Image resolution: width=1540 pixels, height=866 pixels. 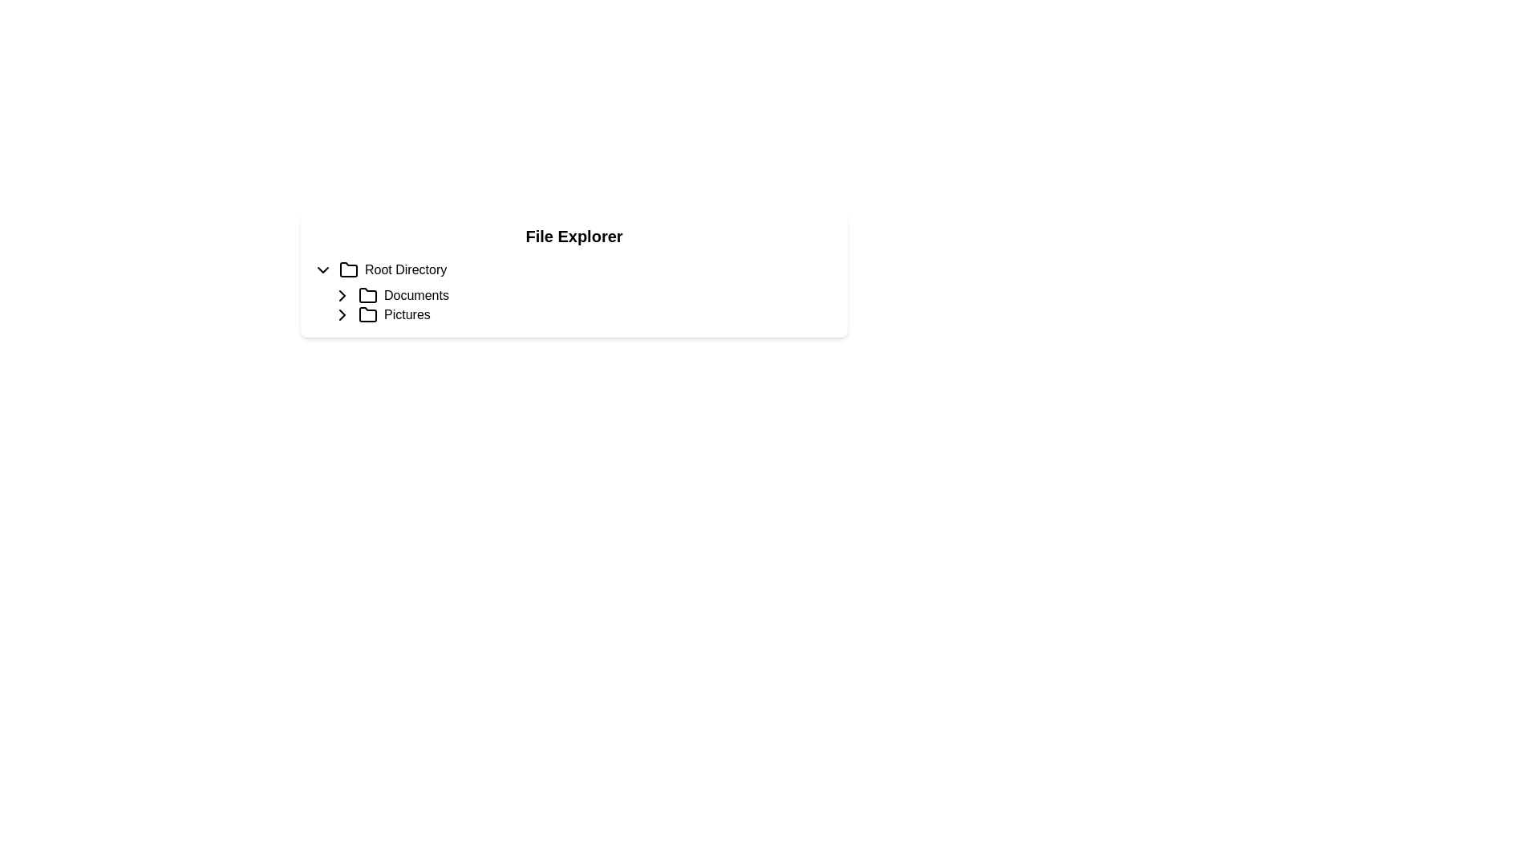 I want to click on the Chevron icon next to the 'Documents' item in the File Explorer, so click(x=342, y=296).